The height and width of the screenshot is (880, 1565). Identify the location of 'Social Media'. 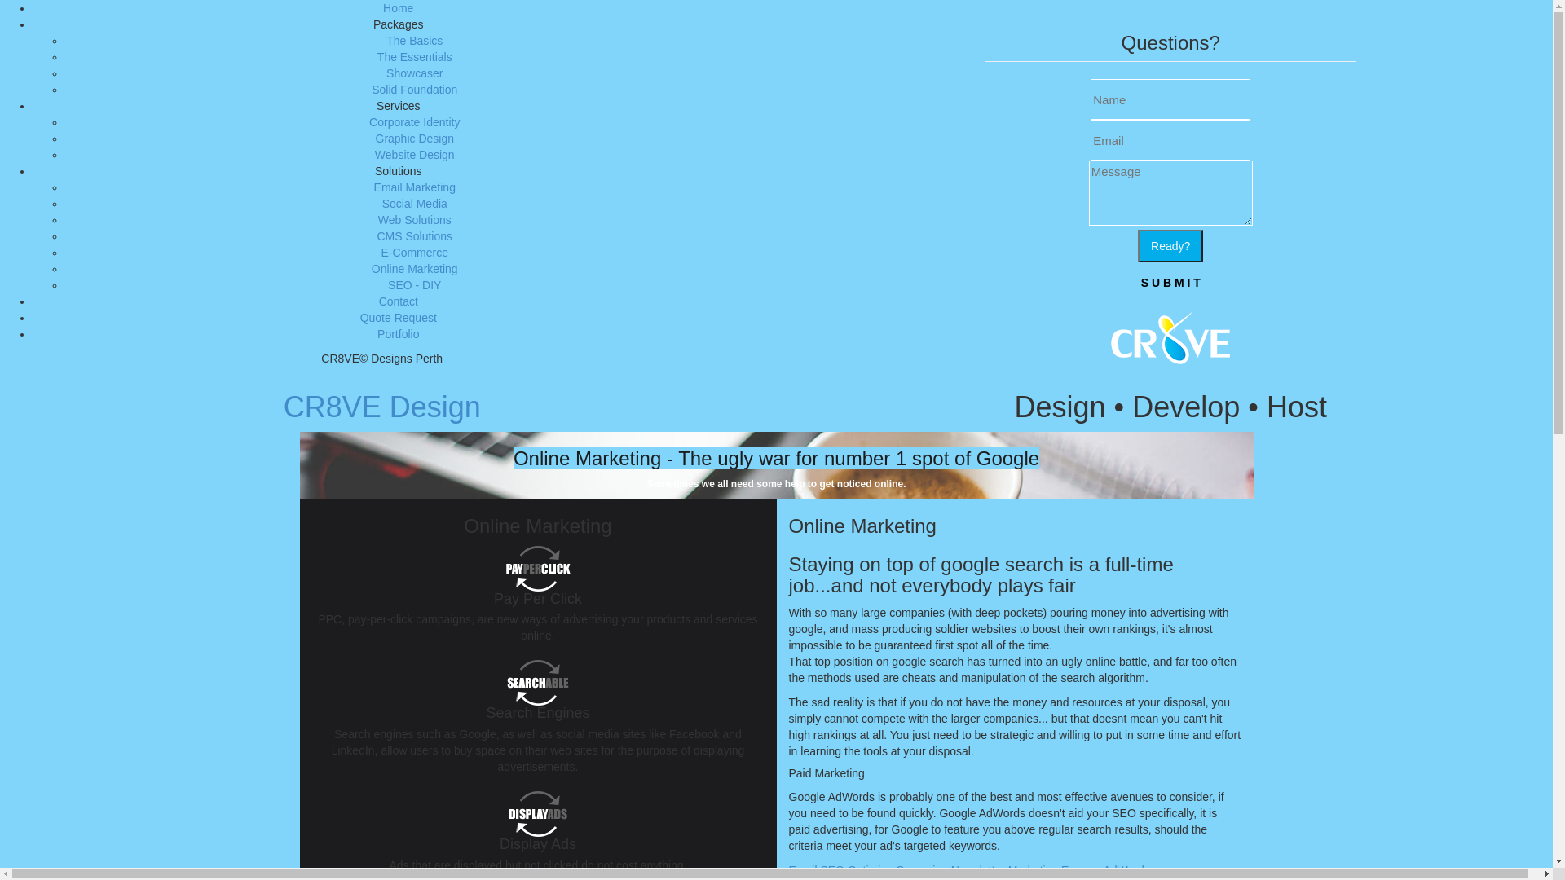
(414, 203).